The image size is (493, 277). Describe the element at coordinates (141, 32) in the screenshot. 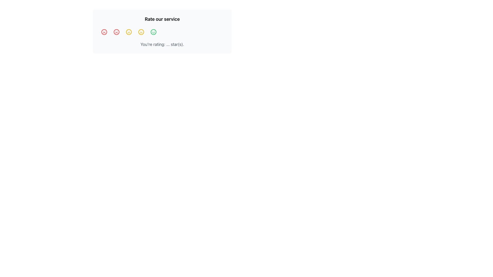

I see `the fourth icon in the horizontal row of five rating options` at that location.